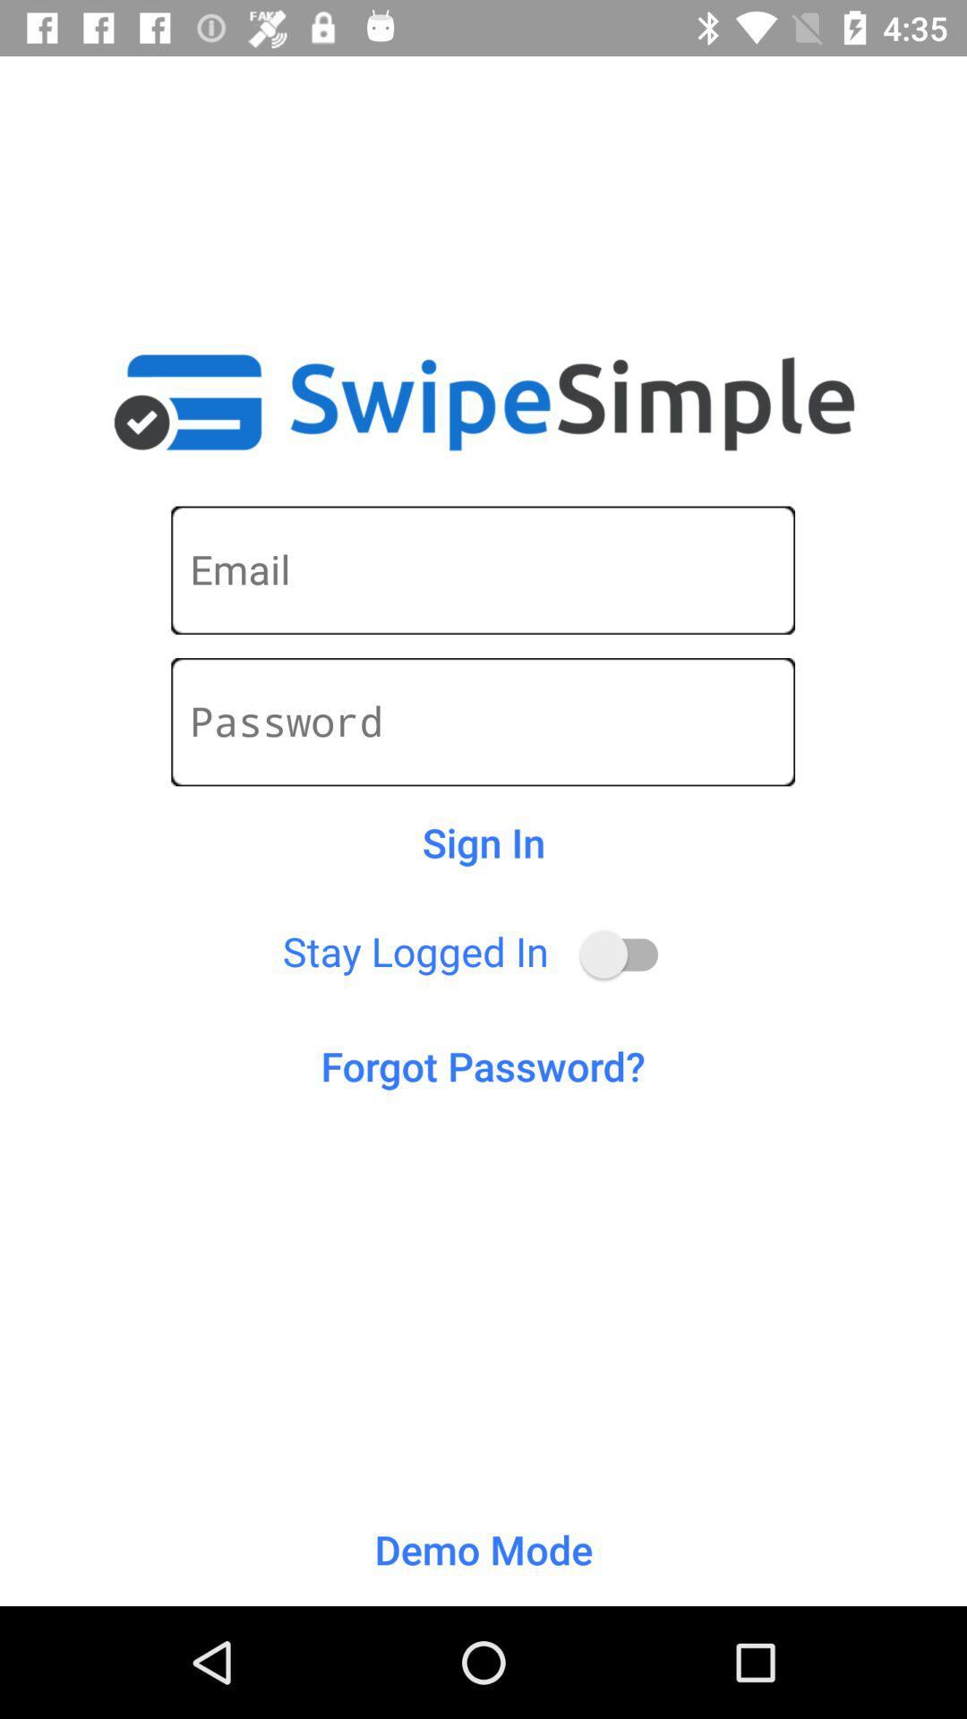 The width and height of the screenshot is (967, 1719). What do you see at coordinates (627, 954) in the screenshot?
I see `the icon next to stay logged in icon` at bounding box center [627, 954].